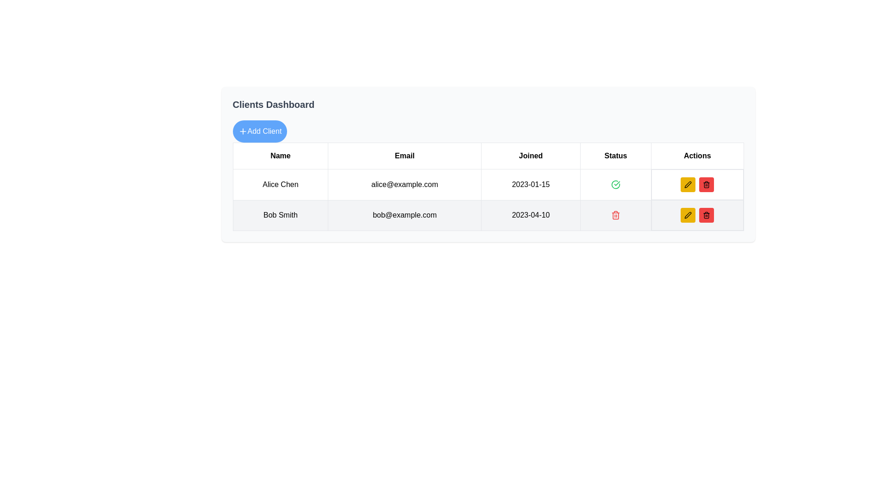 This screenshot has height=500, width=889. Describe the element at coordinates (615, 184) in the screenshot. I see `the status indicated by the success/completion icon located in the fourth column of the first row under the 'Status' header` at that location.